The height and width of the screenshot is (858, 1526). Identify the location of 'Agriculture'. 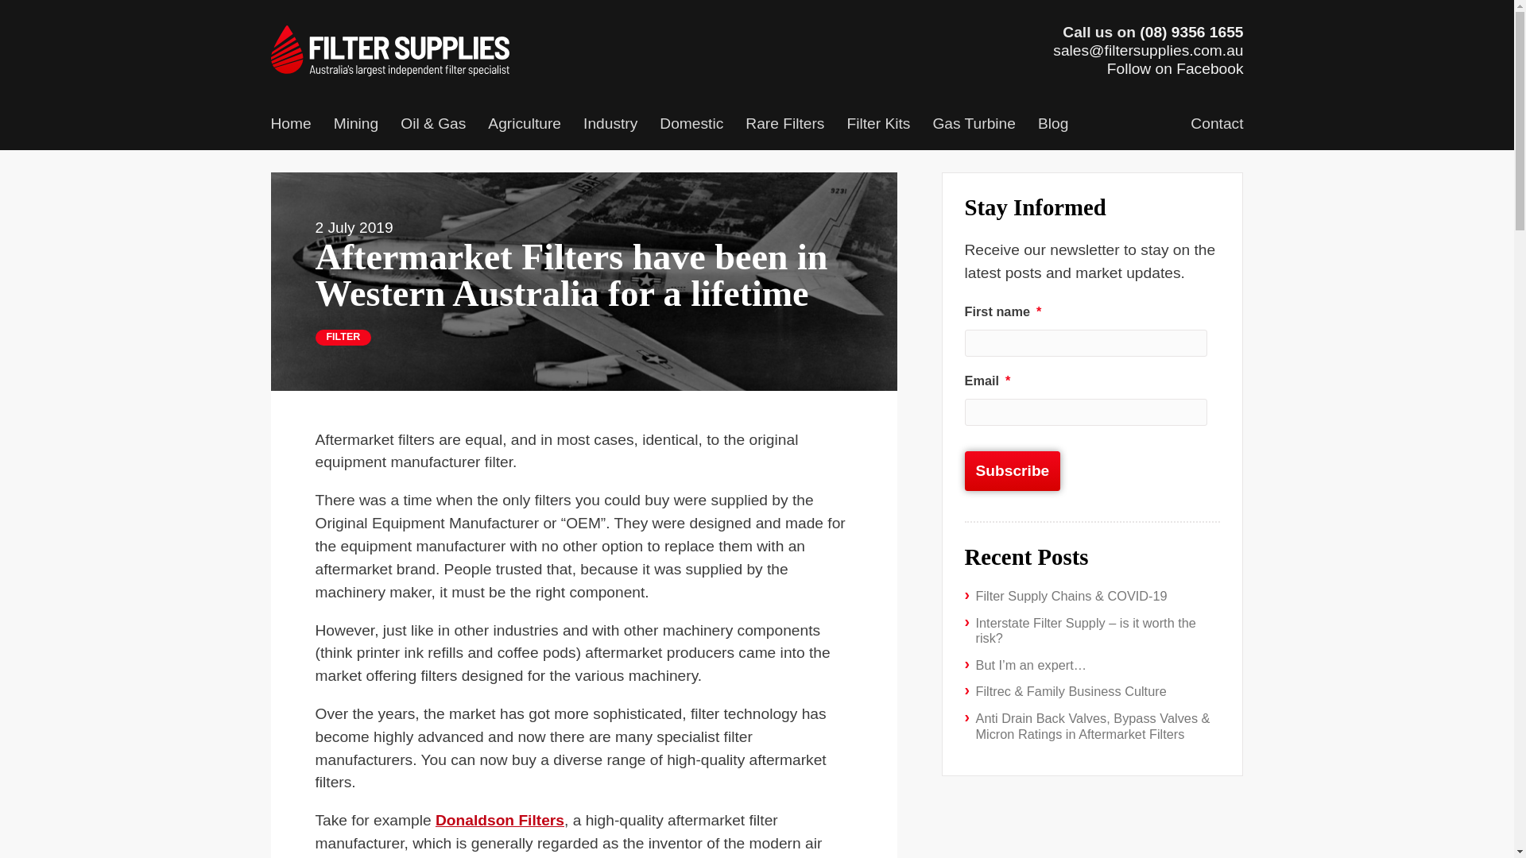
(525, 125).